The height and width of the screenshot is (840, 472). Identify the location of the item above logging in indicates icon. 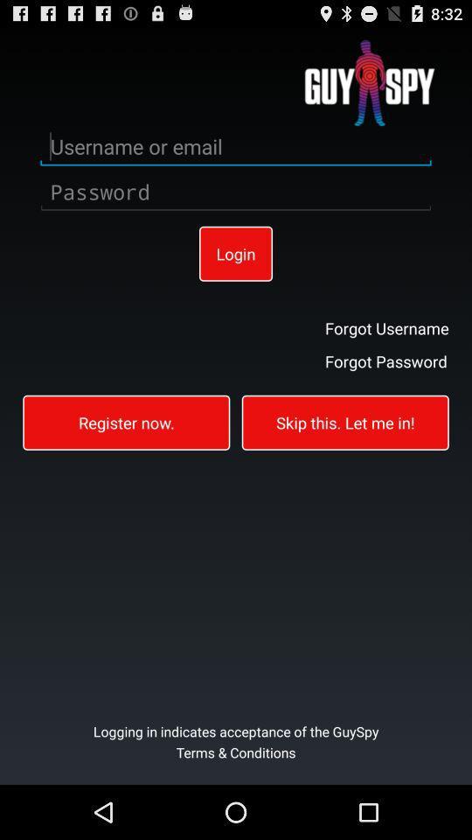
(345, 421).